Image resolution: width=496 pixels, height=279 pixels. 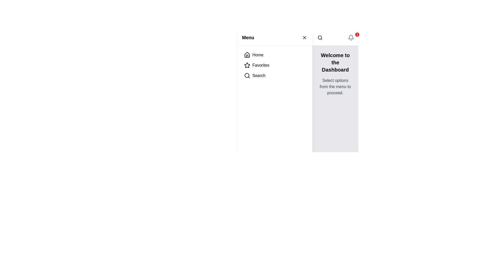 I want to click on the close or dismiss button located in the top-left section of the interface, adjacent to the menu bar, so click(x=305, y=37).